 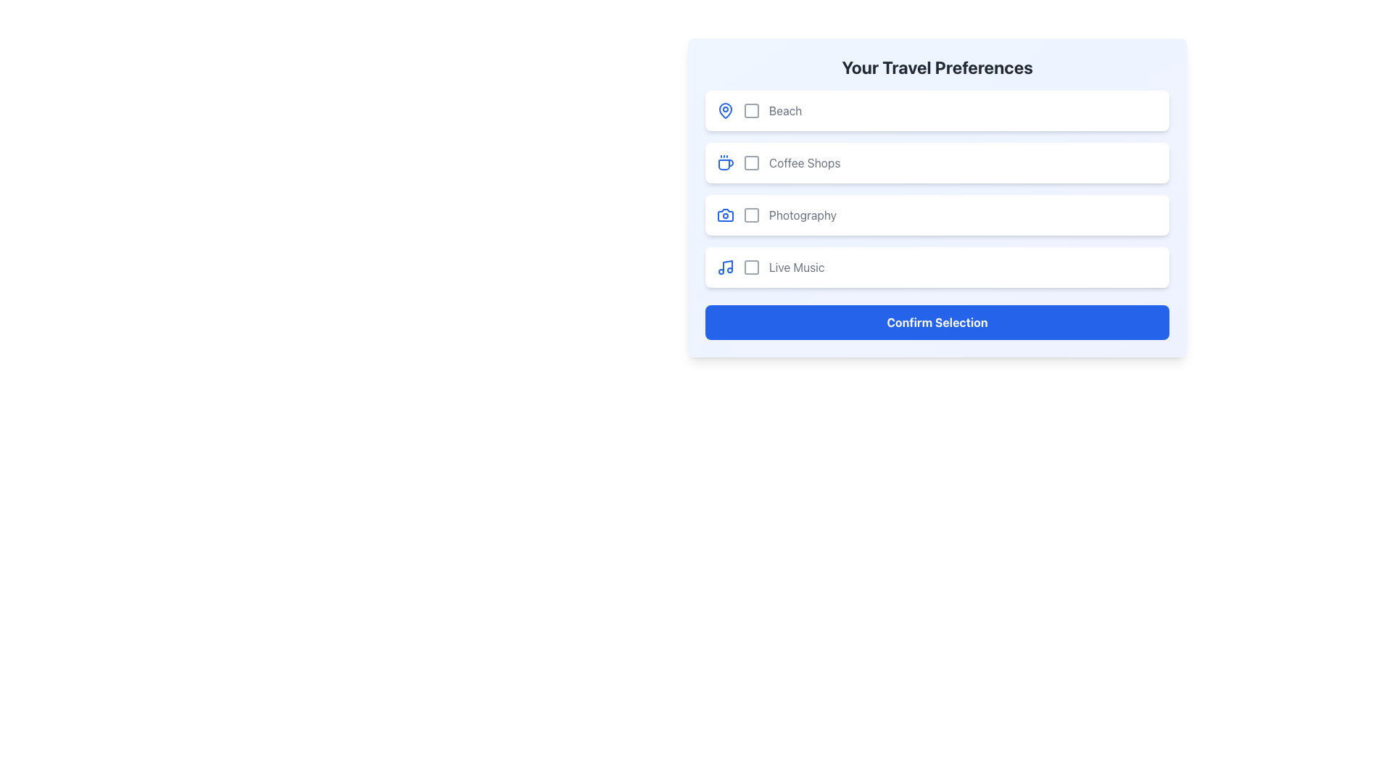 What do you see at coordinates (796, 268) in the screenshot?
I see `'Live Music' text label located in the bottom row of the vertically stacked list within the card, which is styled in muted gray and aligned with an icon and checkbox` at bounding box center [796, 268].